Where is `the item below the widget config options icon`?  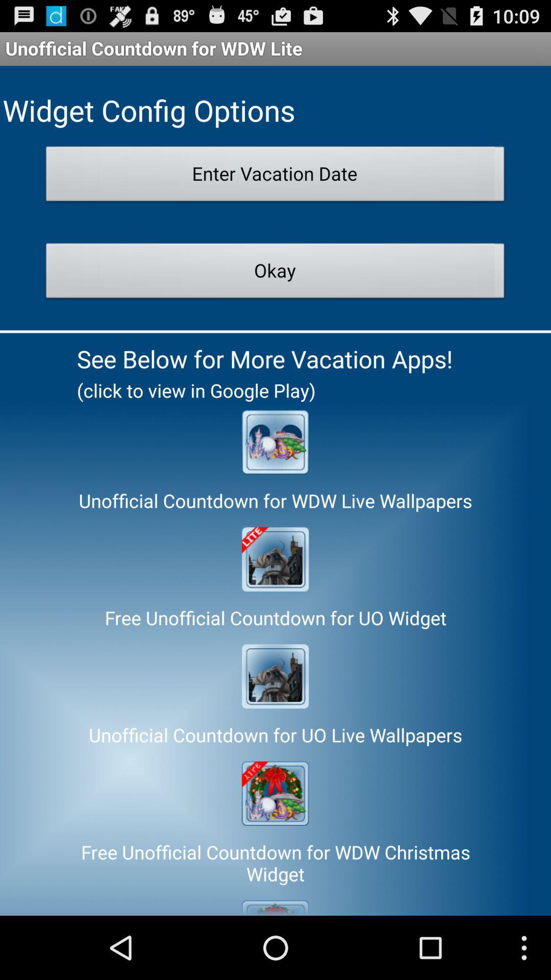 the item below the widget config options icon is located at coordinates (274, 177).